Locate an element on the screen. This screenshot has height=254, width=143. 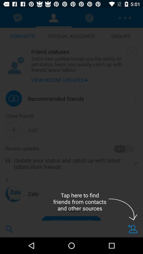
the item above update your status is located at coordinates (124, 149).